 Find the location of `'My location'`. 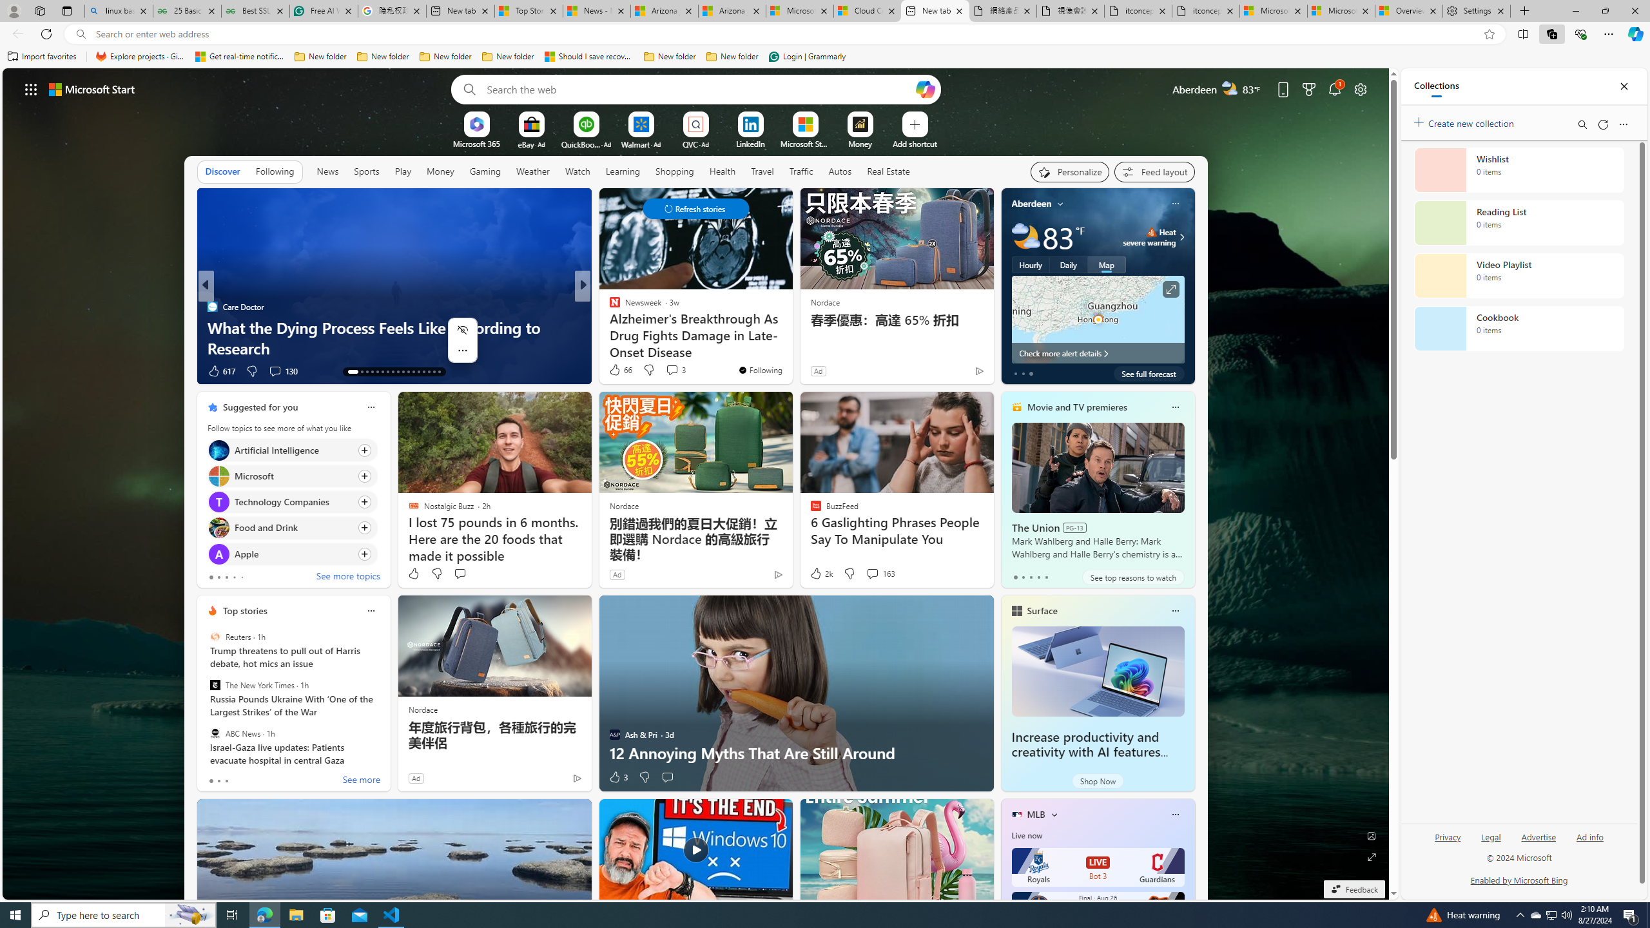

'My location' is located at coordinates (1061, 203).